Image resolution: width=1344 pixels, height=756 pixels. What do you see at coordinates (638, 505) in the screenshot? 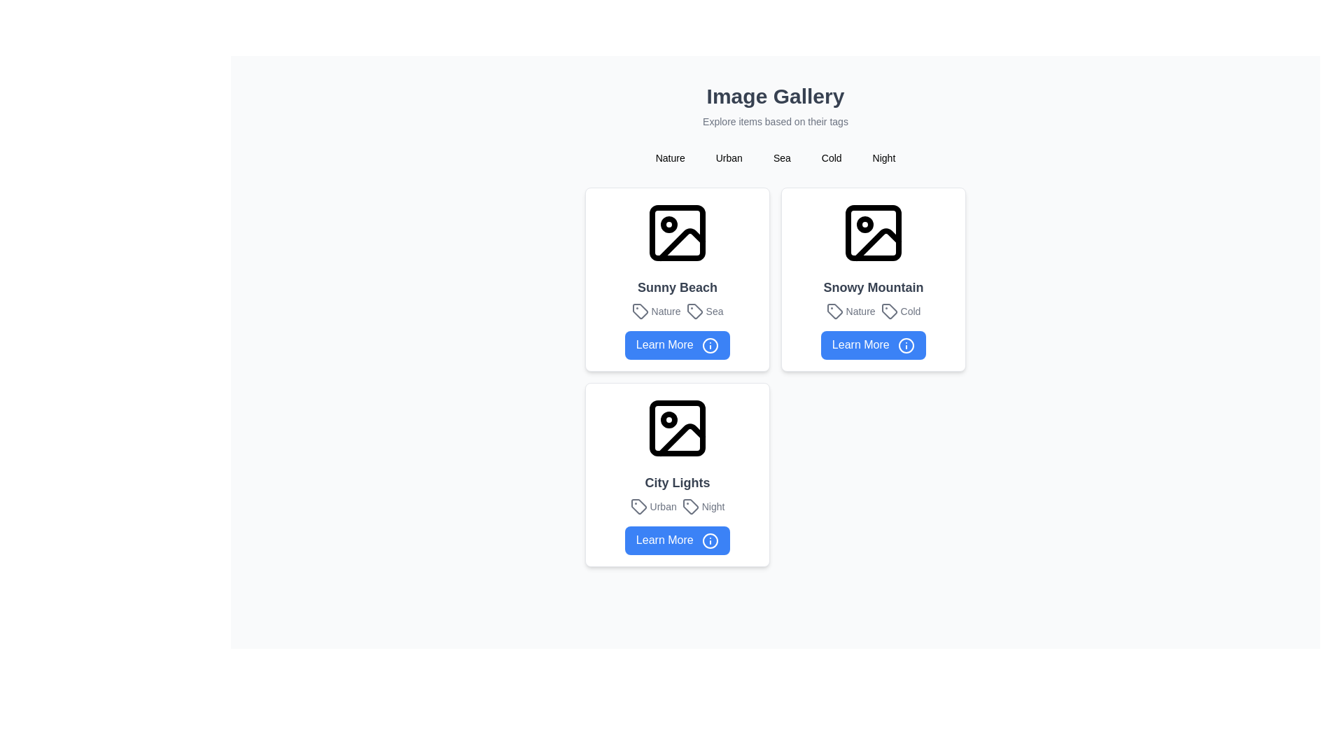
I see `the label-shaped icon located within the 'City Lights' card, positioned just below the title and above the tag labels, to use it as a visual clue` at bounding box center [638, 505].